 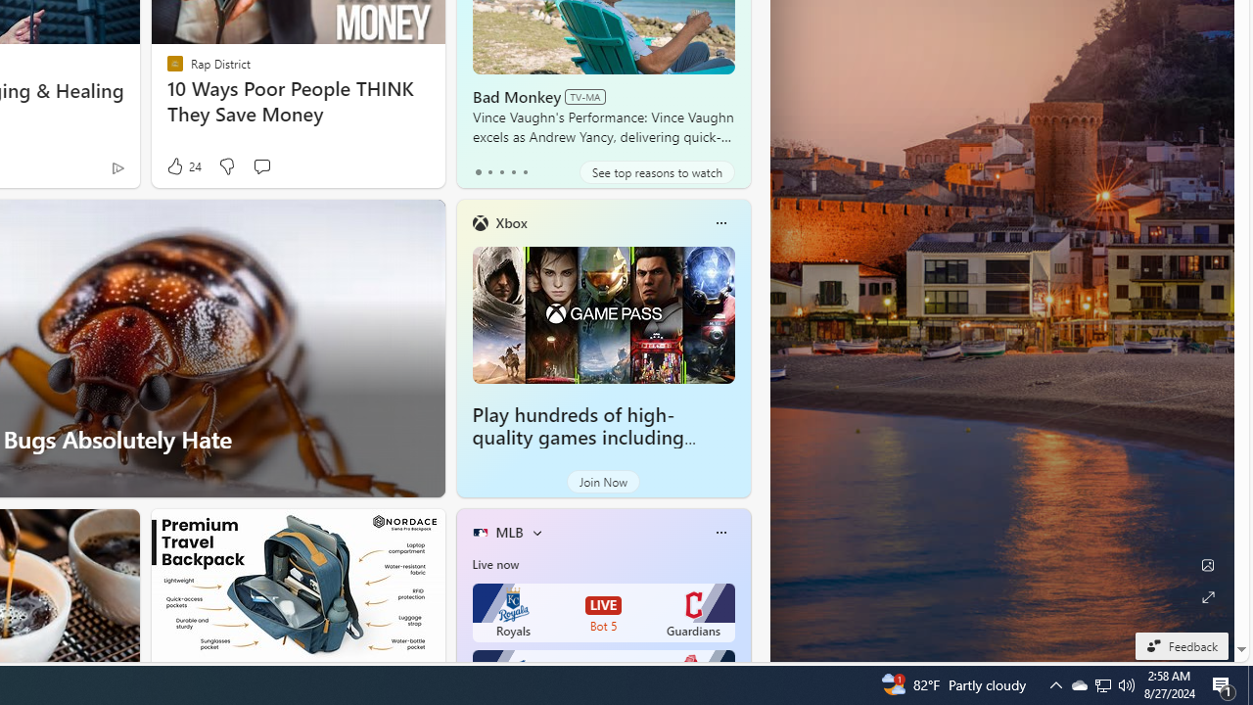 I want to click on 'Join Now', so click(x=602, y=482).